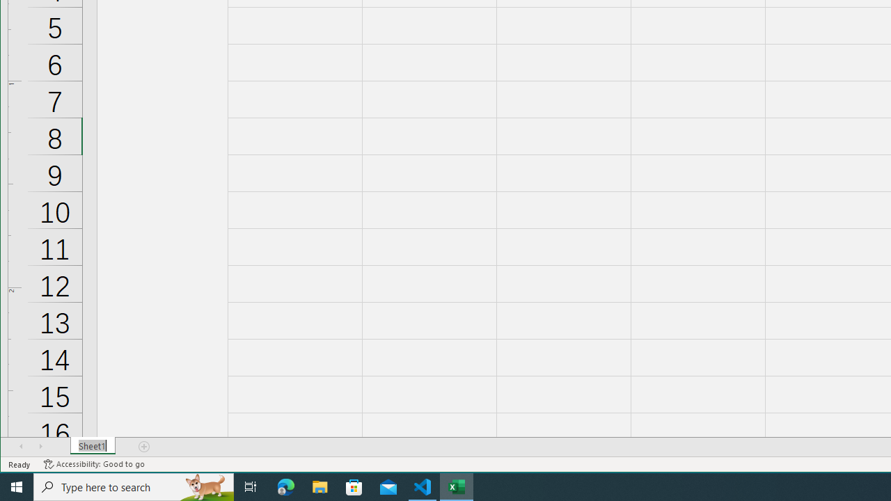 This screenshot has height=501, width=891. Describe the element at coordinates (205, 486) in the screenshot. I see `'Search highlights icon opens search home window'` at that location.